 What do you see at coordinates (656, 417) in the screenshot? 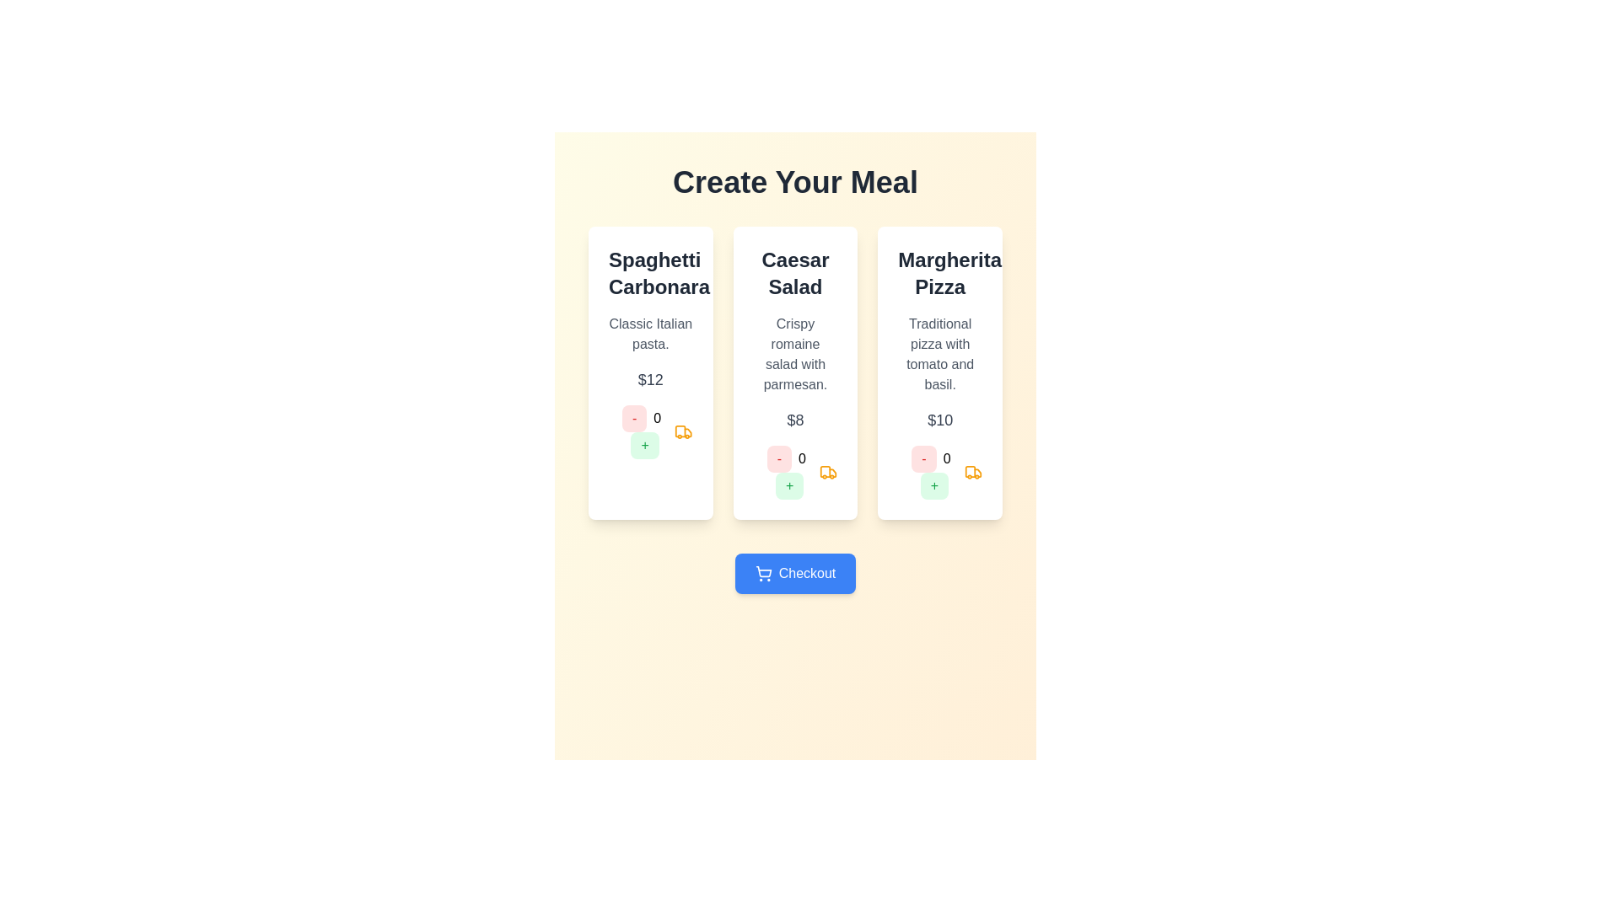
I see `numeric text label displaying '0' that is centered between the minus ('-') and plus ('+') buttons in the second card under 'Caesar Salad'` at bounding box center [656, 417].